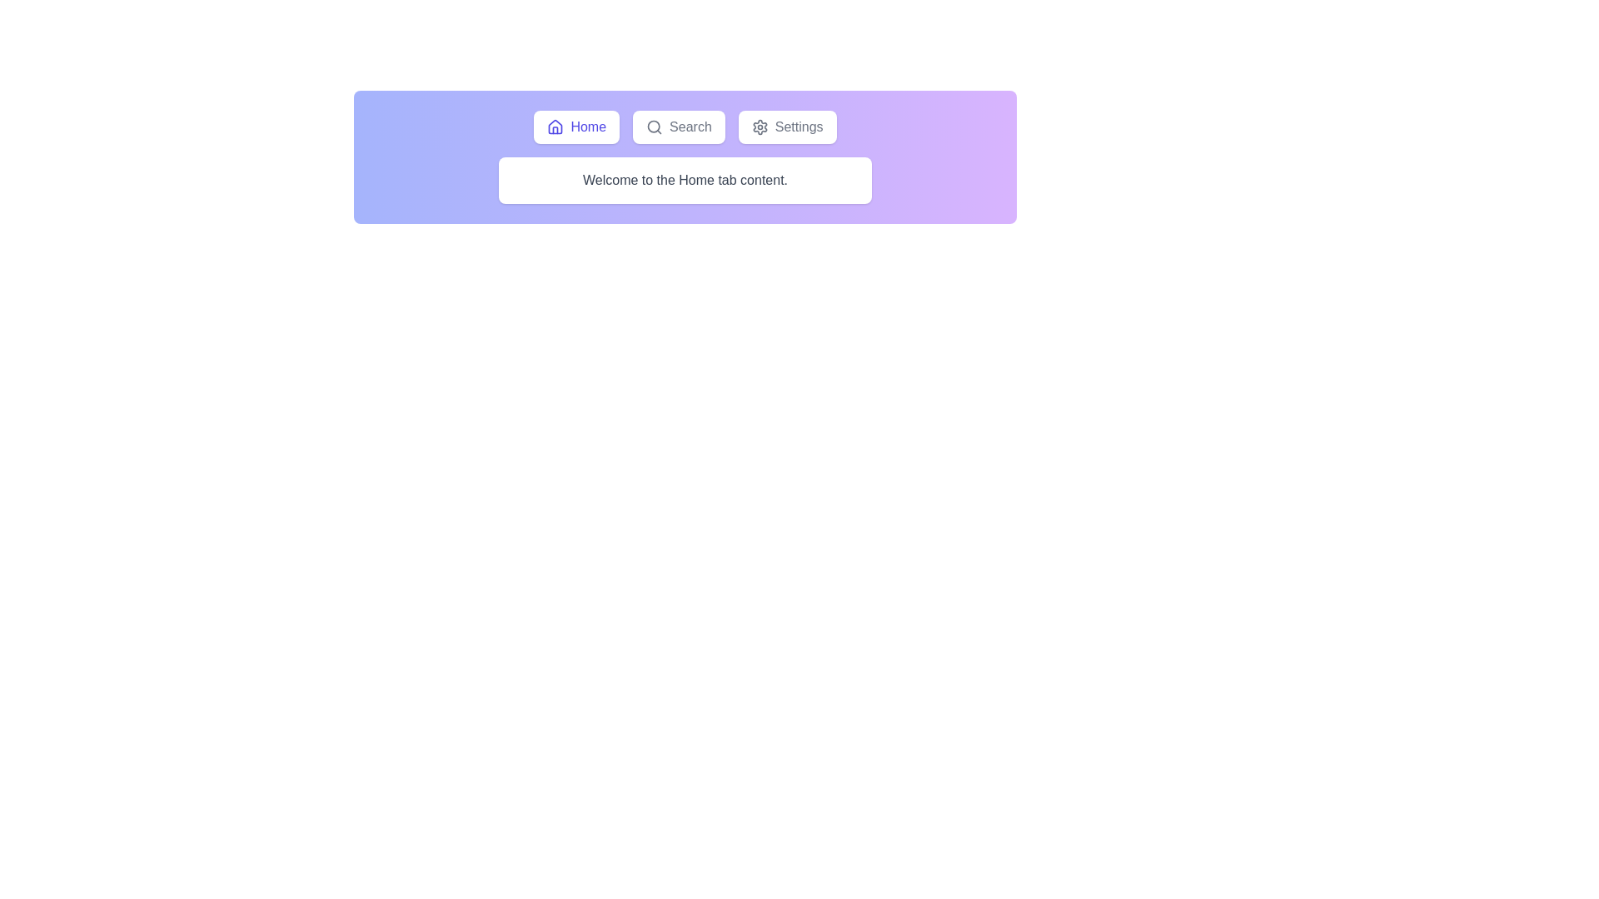 The width and height of the screenshot is (1599, 899). Describe the element at coordinates (759, 127) in the screenshot. I see `the cogwheel-shaped 'Settings' icon at the rightmost end of the navigation bar` at that location.